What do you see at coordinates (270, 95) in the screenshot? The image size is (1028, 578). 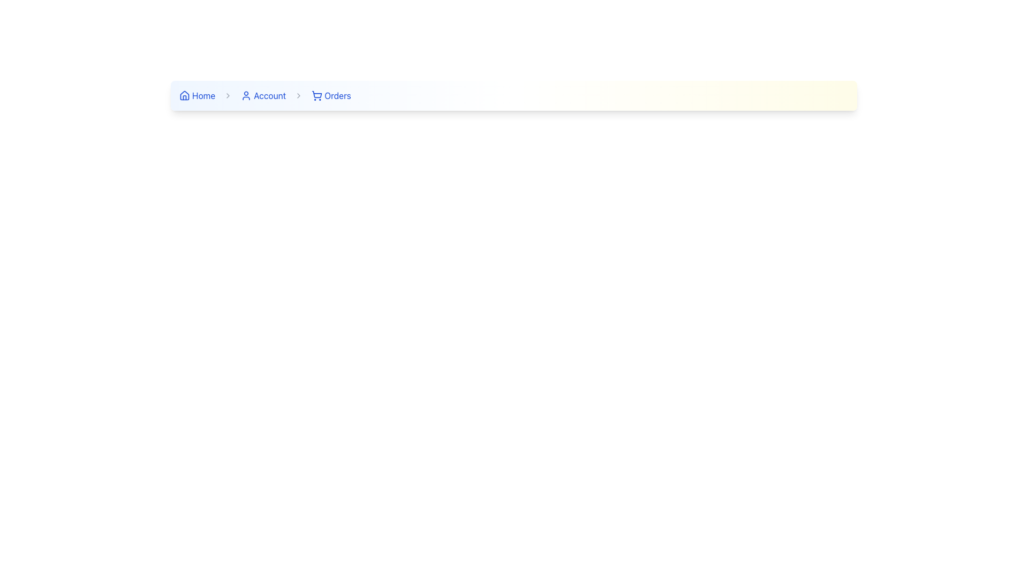 I see `text labeled 'Account' which is styled in blue and is part of the breadcrumb navigation sequence` at bounding box center [270, 95].